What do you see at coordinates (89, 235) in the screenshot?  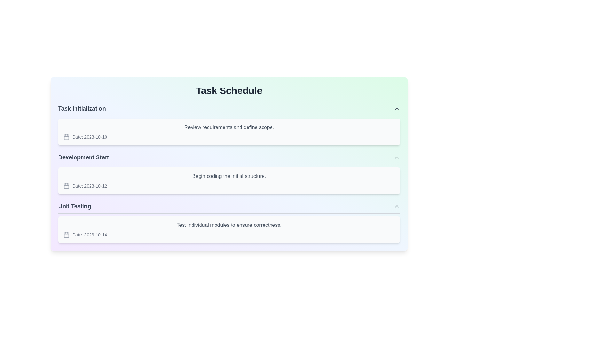 I see `the static textual label that displays a formatted date, located to the right of a calendar icon` at bounding box center [89, 235].